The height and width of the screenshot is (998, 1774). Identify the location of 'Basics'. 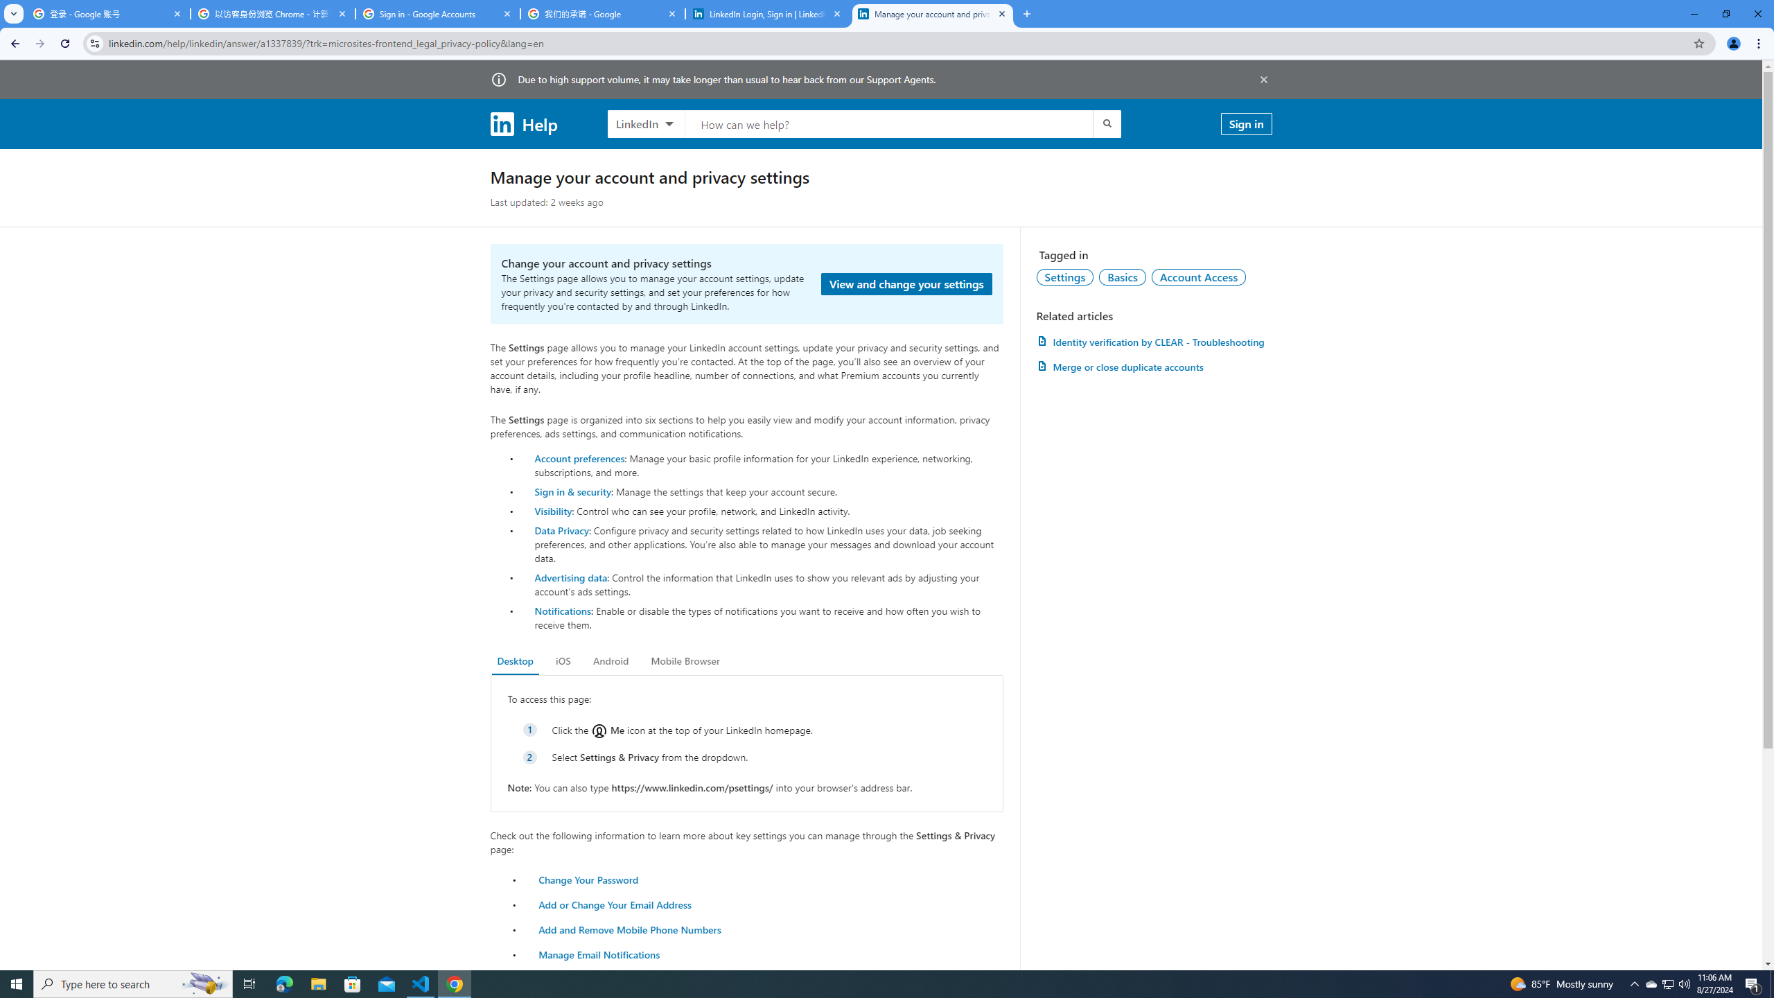
(1122, 276).